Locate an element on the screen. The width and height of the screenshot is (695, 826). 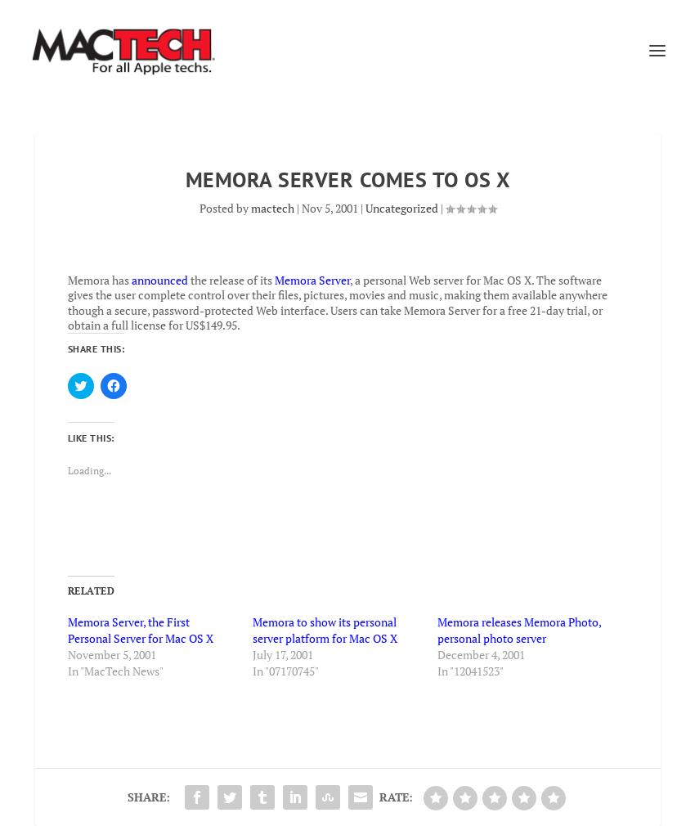
'Share this:' is located at coordinates (94, 348).